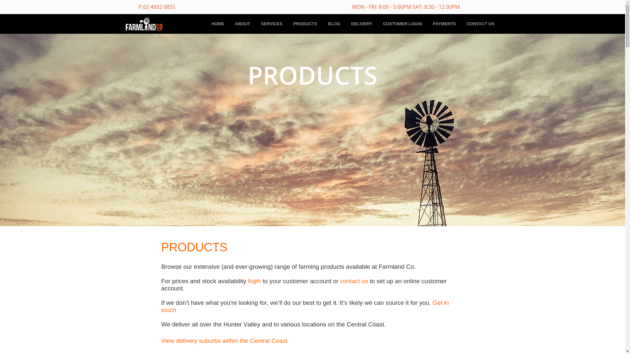 This screenshot has width=630, height=354. I want to click on 'BLOG', so click(323, 24).